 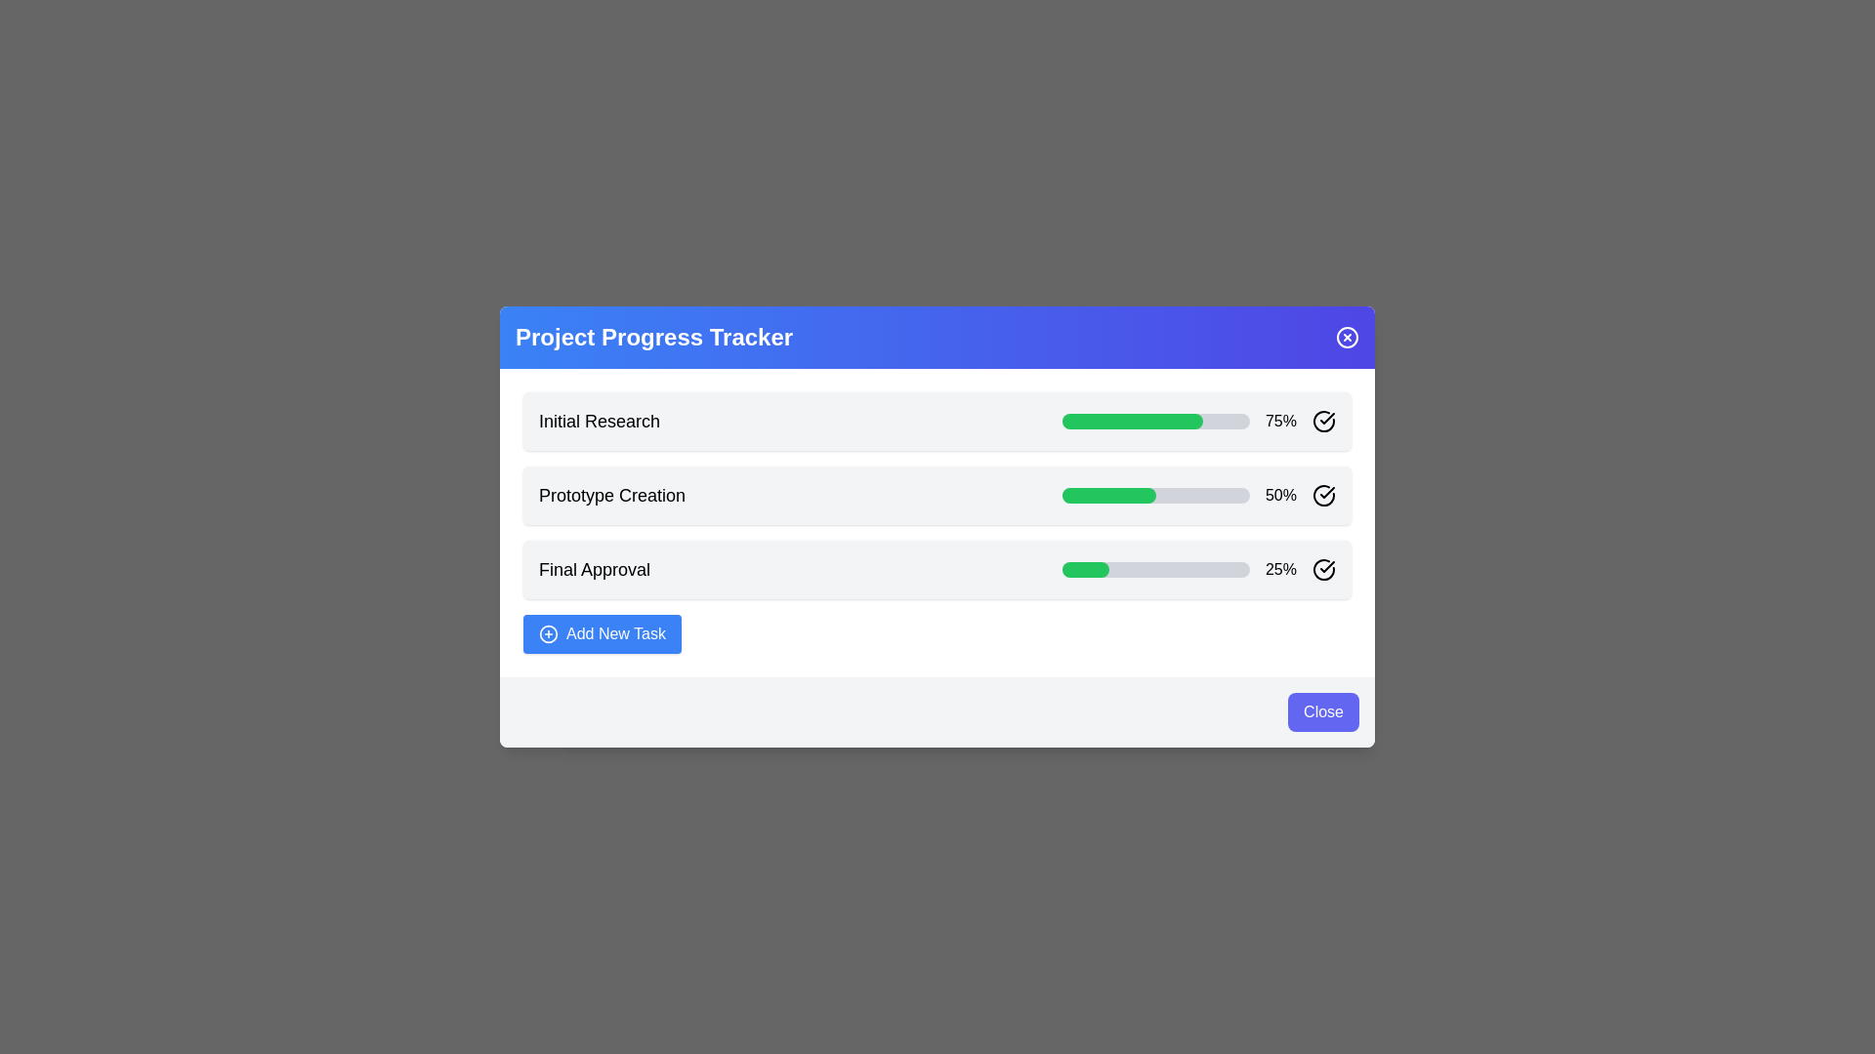 I want to click on the 'Close' button located in the bottom-right corner of the modal, so click(x=1323, y=711).